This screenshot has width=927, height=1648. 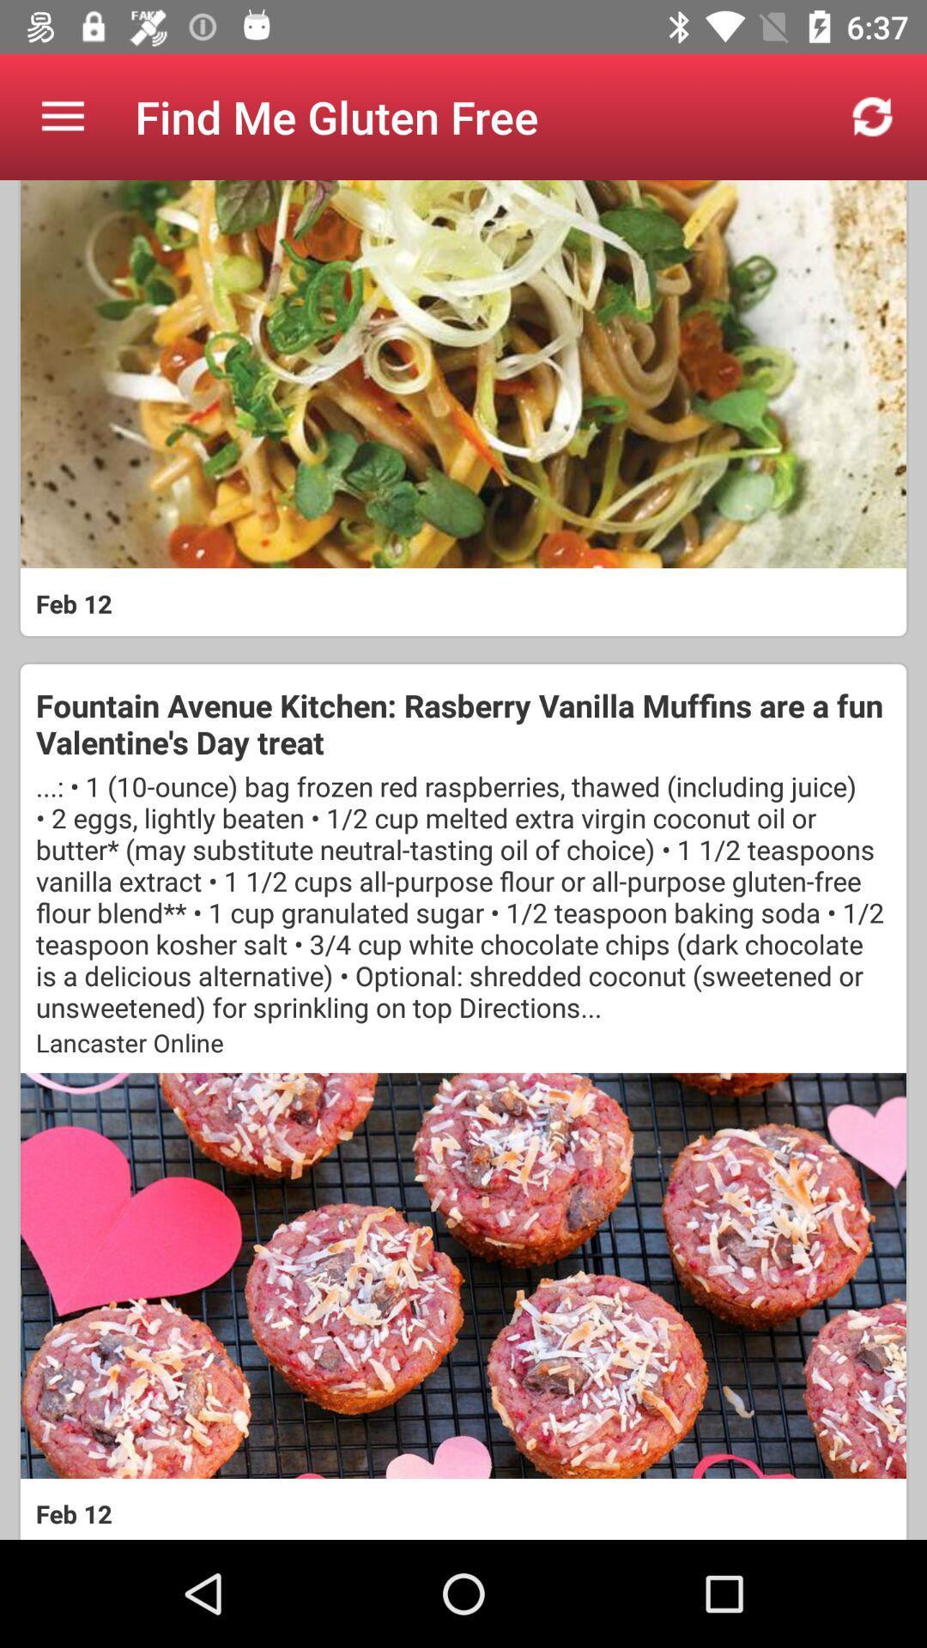 I want to click on the 1 10 ounce item, so click(x=463, y=895).